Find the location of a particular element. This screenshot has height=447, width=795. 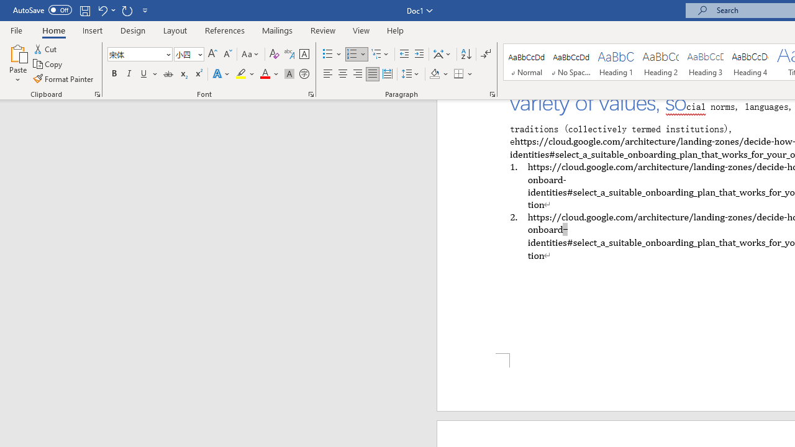

'Review' is located at coordinates (323, 30).